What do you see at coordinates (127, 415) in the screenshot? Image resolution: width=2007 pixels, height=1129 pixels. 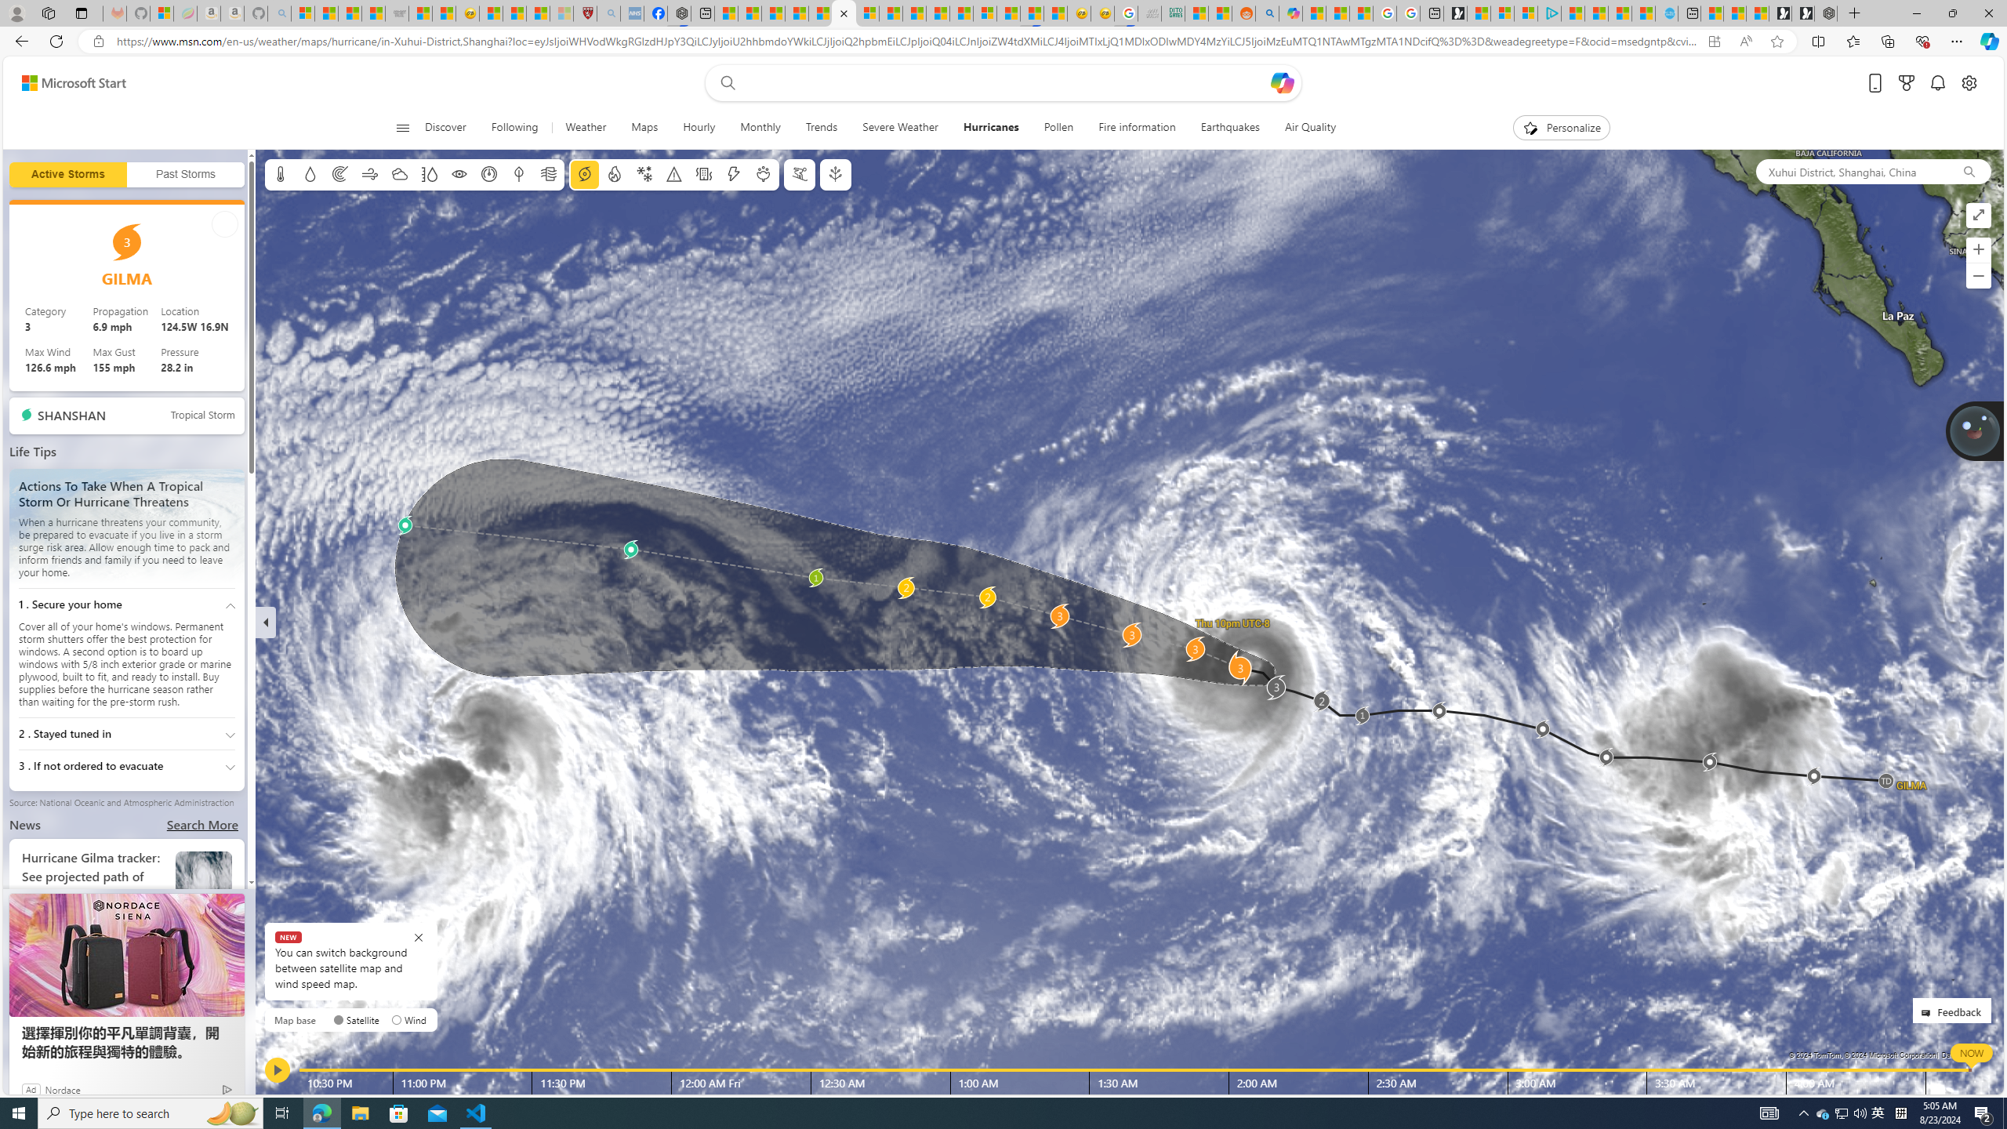 I see `'SHANSHAN Tropical Storm'` at bounding box center [127, 415].